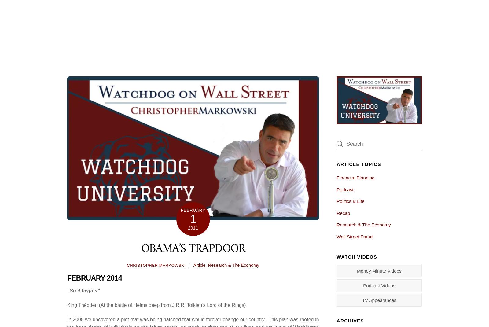 This screenshot has height=327, width=489. I want to click on 'MUNICIPAL DEBT BOMB', so click(109, 305).